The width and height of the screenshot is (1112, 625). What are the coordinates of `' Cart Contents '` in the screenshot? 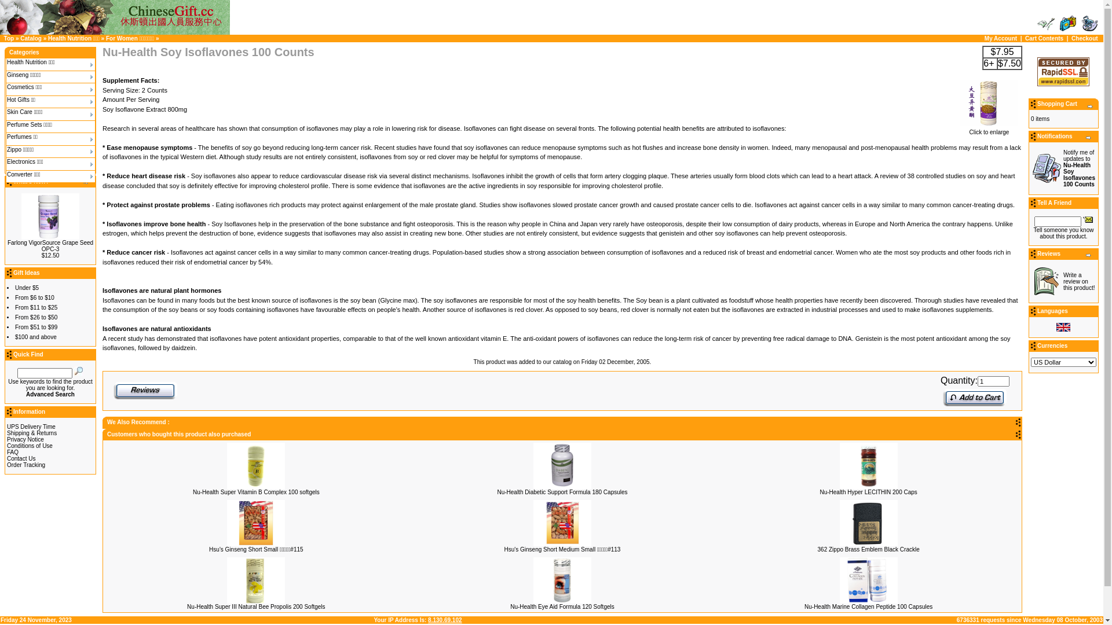 It's located at (1059, 24).